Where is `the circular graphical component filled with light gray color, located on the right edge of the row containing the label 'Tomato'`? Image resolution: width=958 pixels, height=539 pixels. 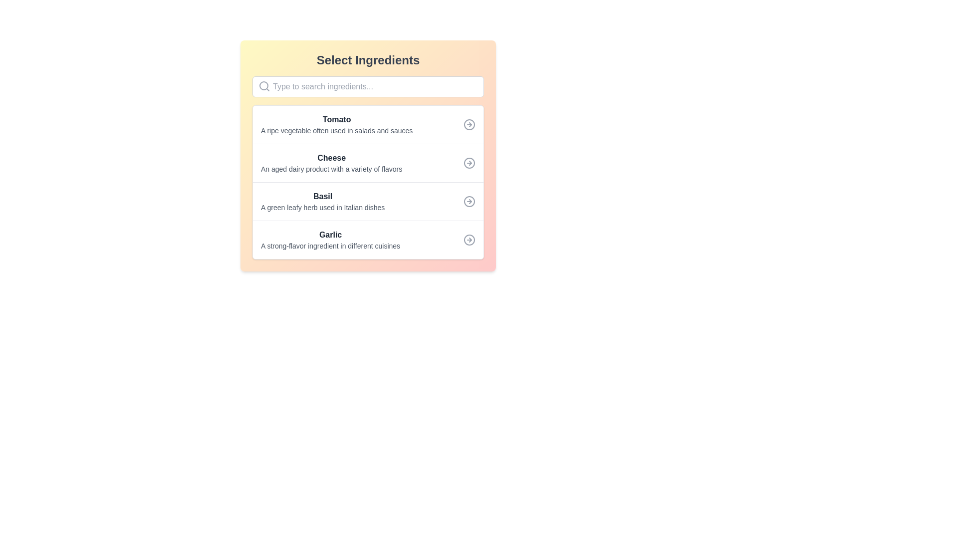 the circular graphical component filled with light gray color, located on the right edge of the row containing the label 'Tomato' is located at coordinates (469, 124).